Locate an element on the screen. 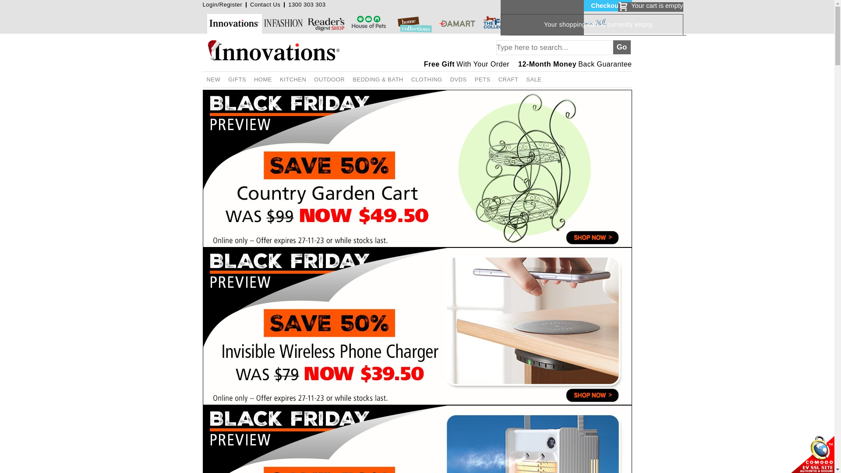 The width and height of the screenshot is (841, 473). 'DVDS' is located at coordinates (458, 79).